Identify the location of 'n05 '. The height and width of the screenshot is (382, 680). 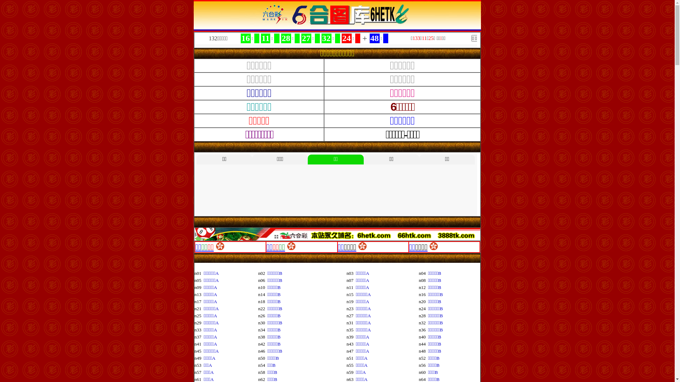
(198, 280).